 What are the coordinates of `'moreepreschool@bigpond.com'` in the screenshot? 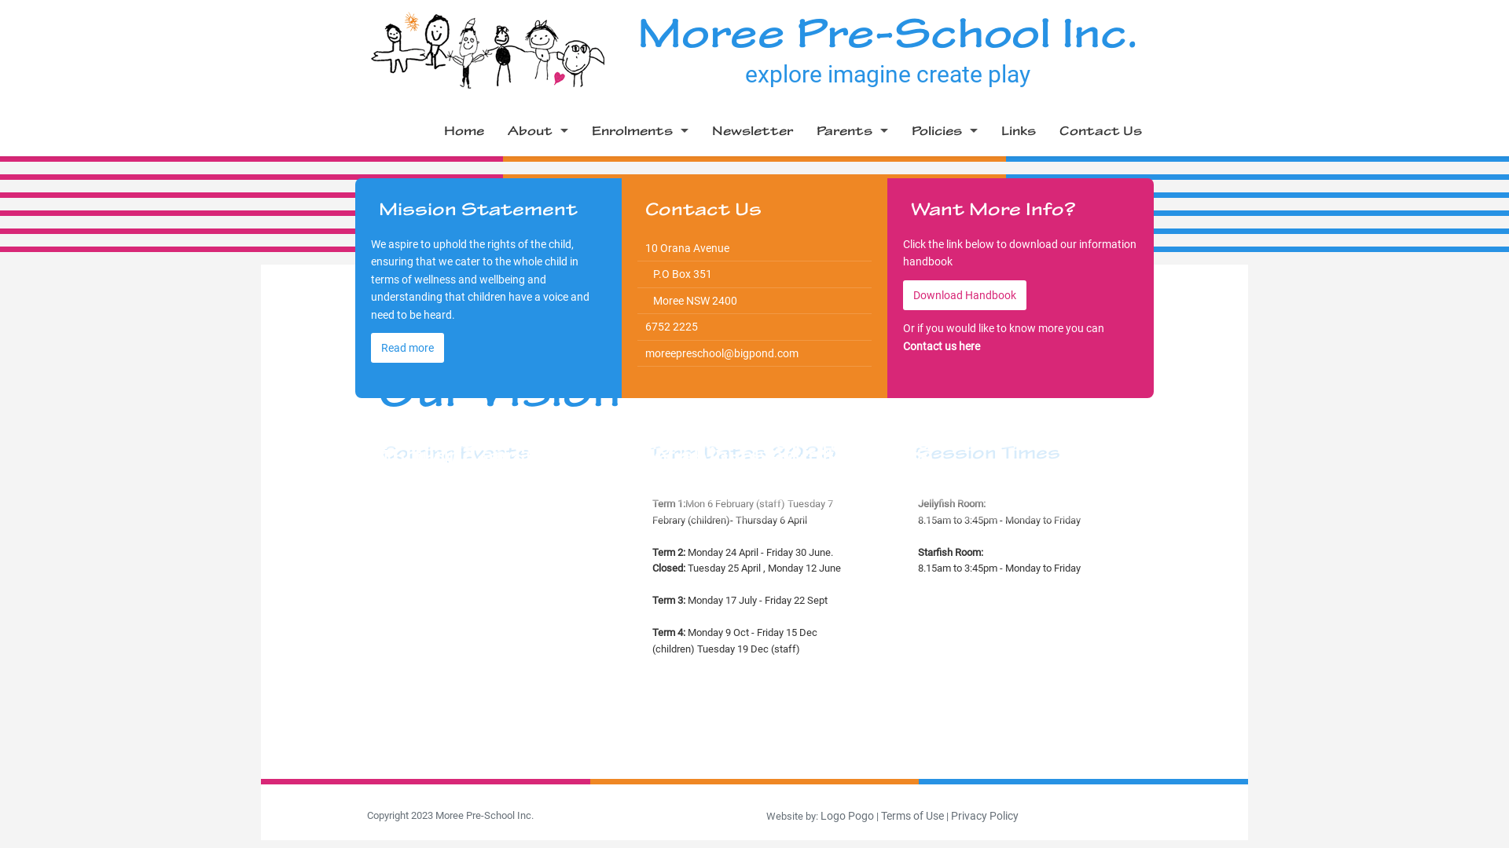 It's located at (721, 353).